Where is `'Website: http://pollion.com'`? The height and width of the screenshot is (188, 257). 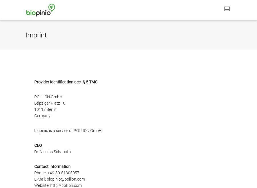 'Website: http://pollion.com' is located at coordinates (58, 185).